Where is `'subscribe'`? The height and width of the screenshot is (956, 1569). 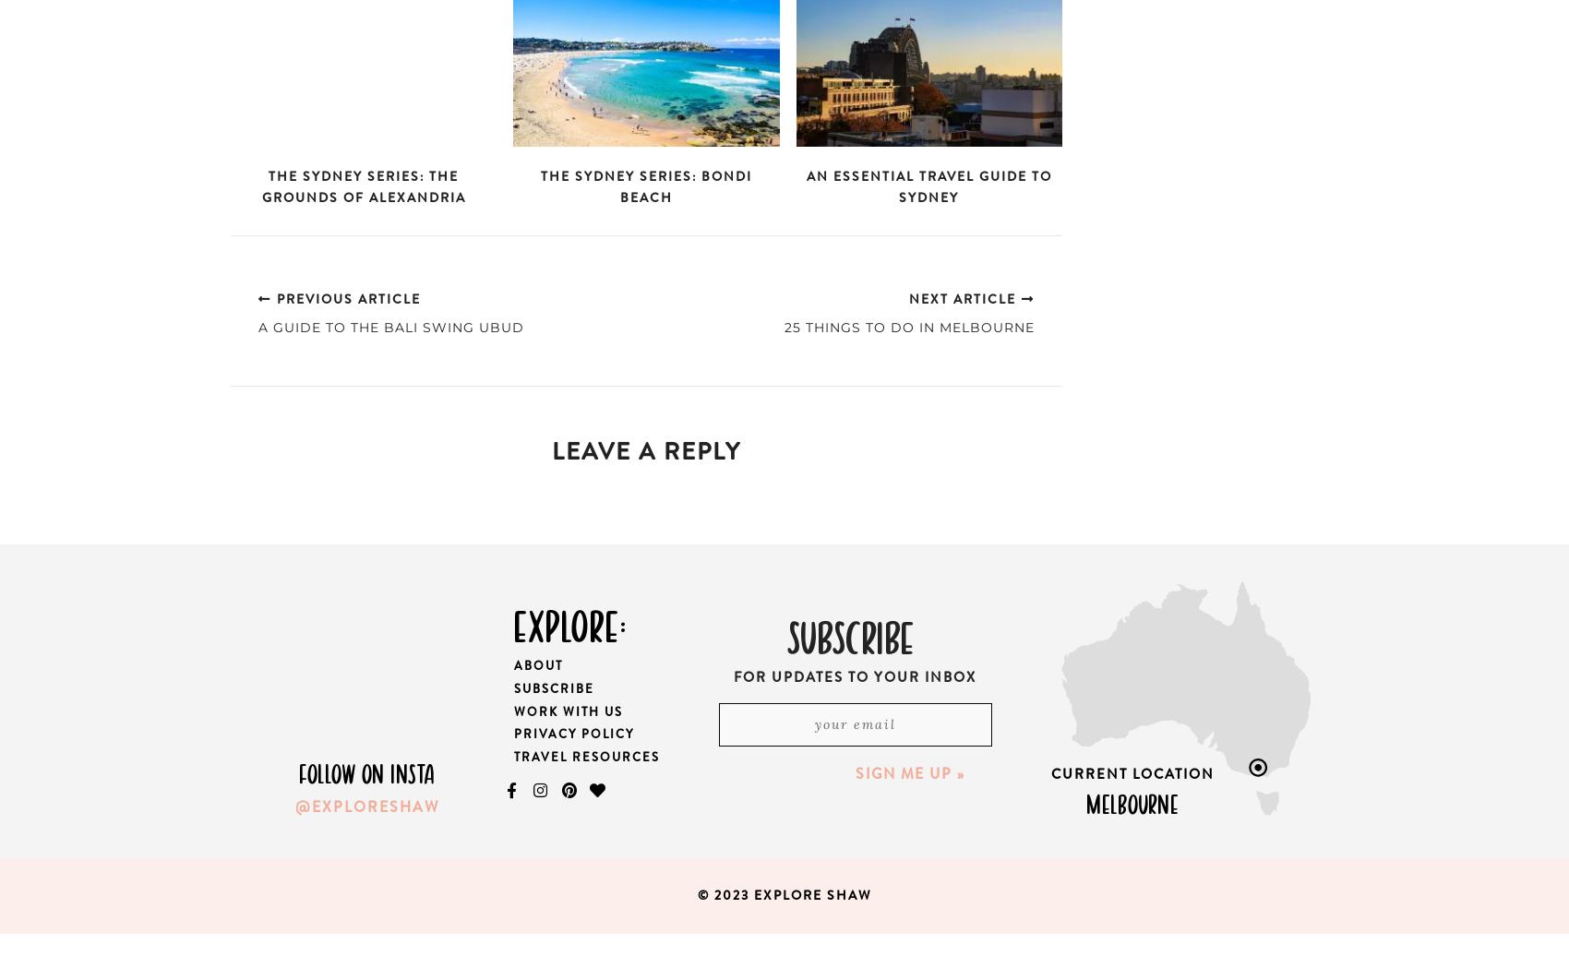
'subscribe' is located at coordinates (850, 633).